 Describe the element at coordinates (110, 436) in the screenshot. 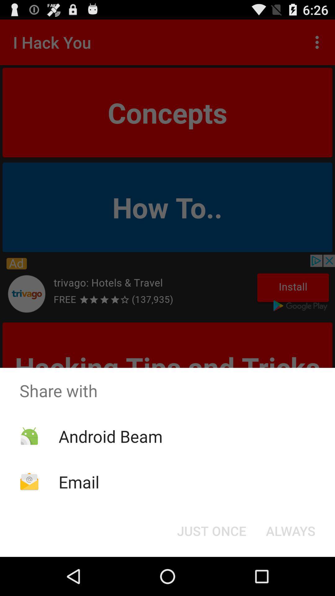

I see `the android beam app` at that location.